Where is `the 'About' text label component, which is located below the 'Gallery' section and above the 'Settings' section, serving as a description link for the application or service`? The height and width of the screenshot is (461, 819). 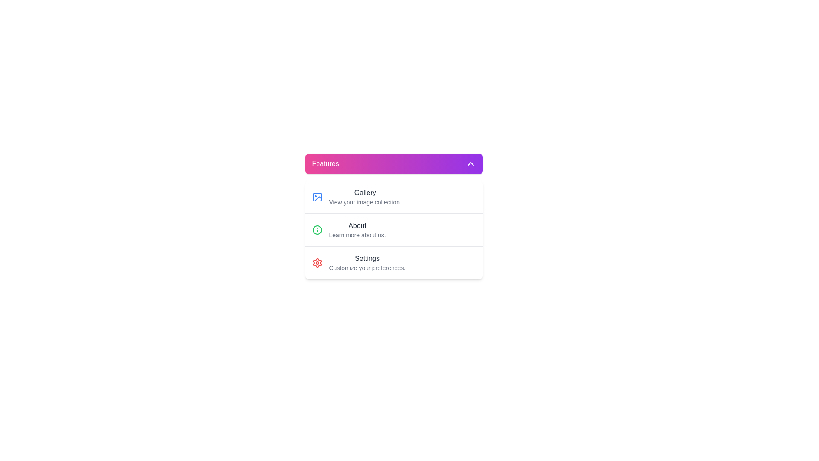
the 'About' text label component, which is located below the 'Gallery' section and above the 'Settings' section, serving as a description link for the application or service is located at coordinates (357, 230).